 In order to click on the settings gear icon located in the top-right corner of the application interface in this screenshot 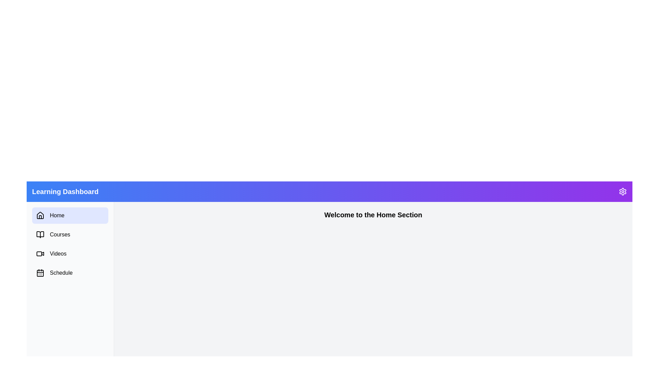, I will do `click(623, 191)`.